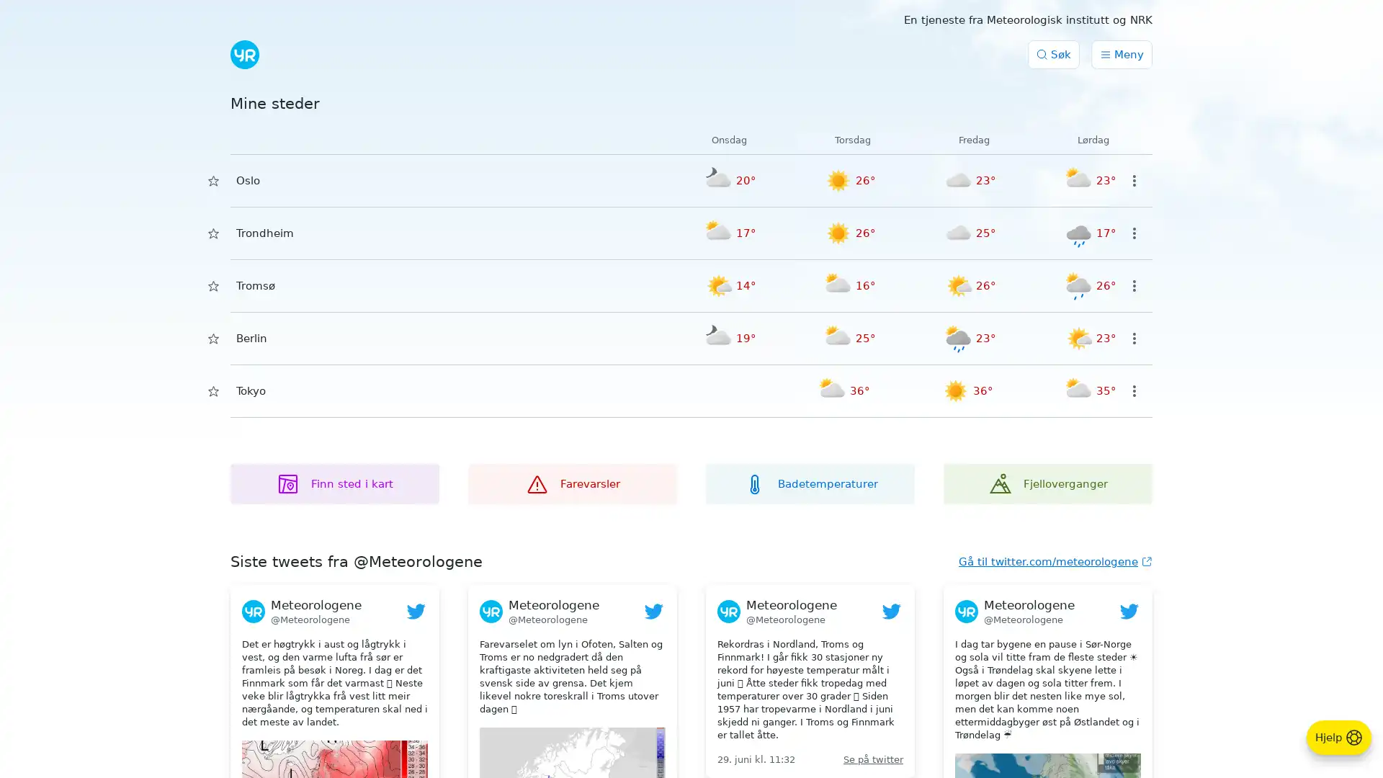  Describe the element at coordinates (212, 391) in the screenshot. I see `Lagre i Mine steder` at that location.